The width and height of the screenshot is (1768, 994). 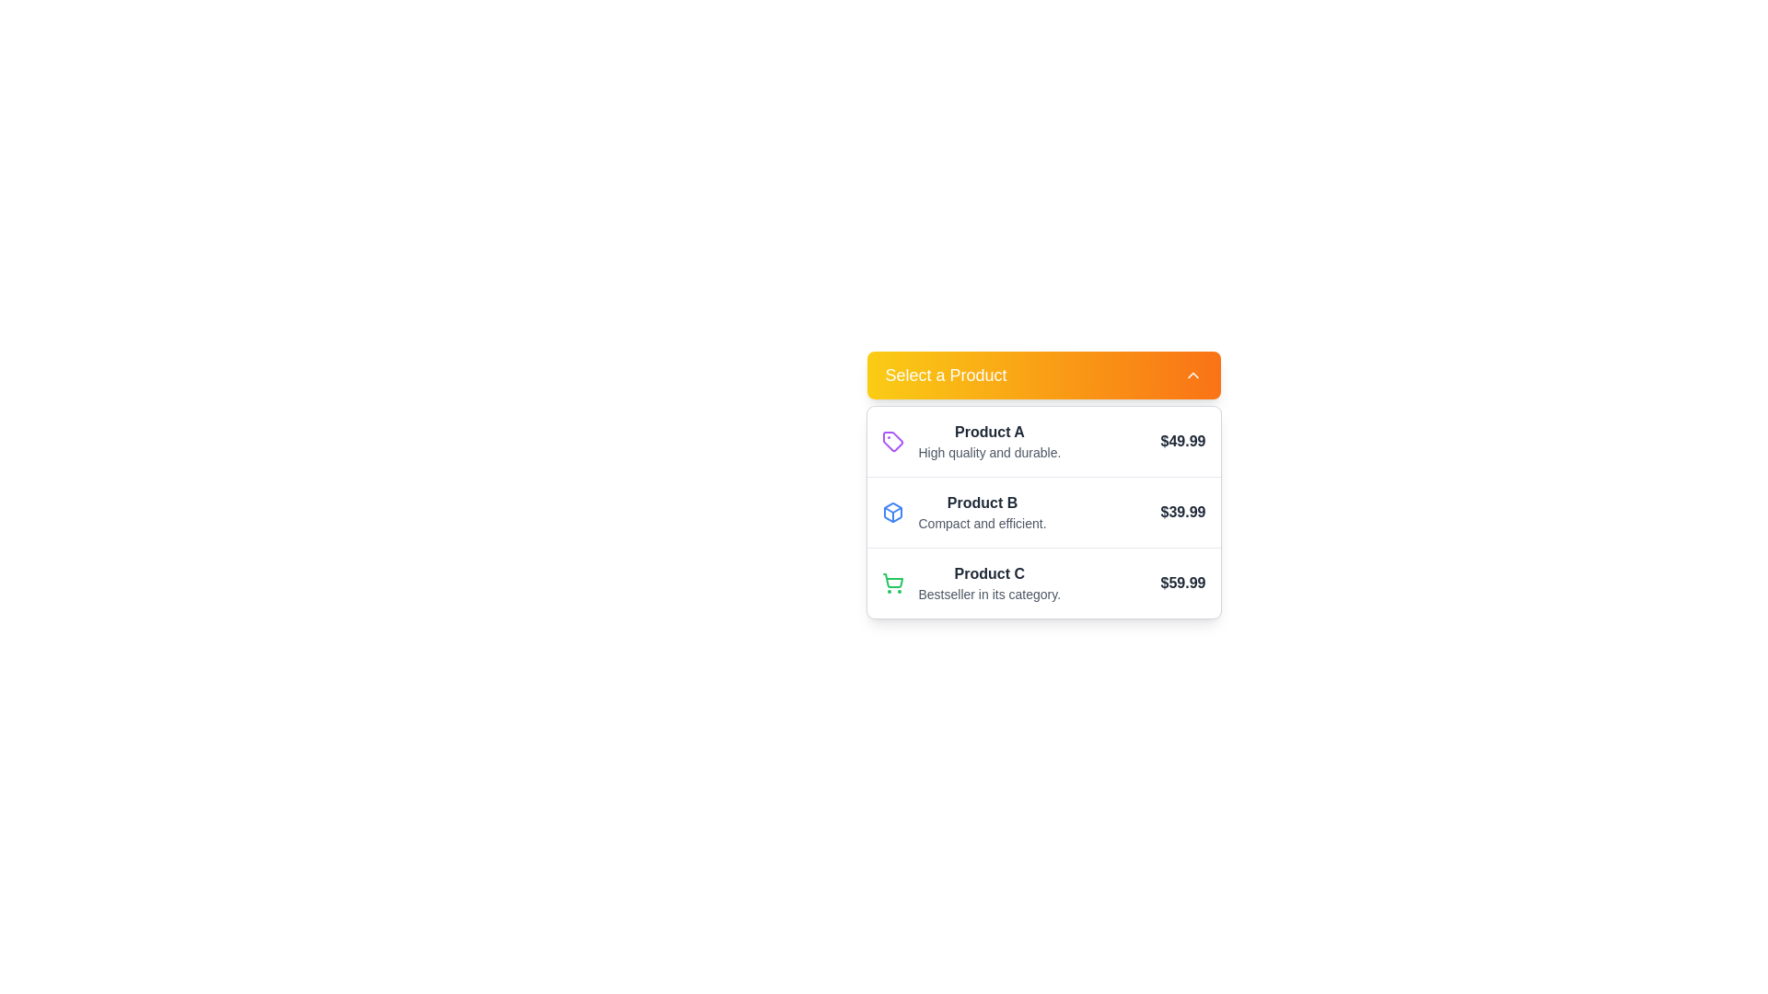 What do you see at coordinates (981, 512) in the screenshot?
I see `the Multi-line text block that provides descriptive information about 'Product B'` at bounding box center [981, 512].